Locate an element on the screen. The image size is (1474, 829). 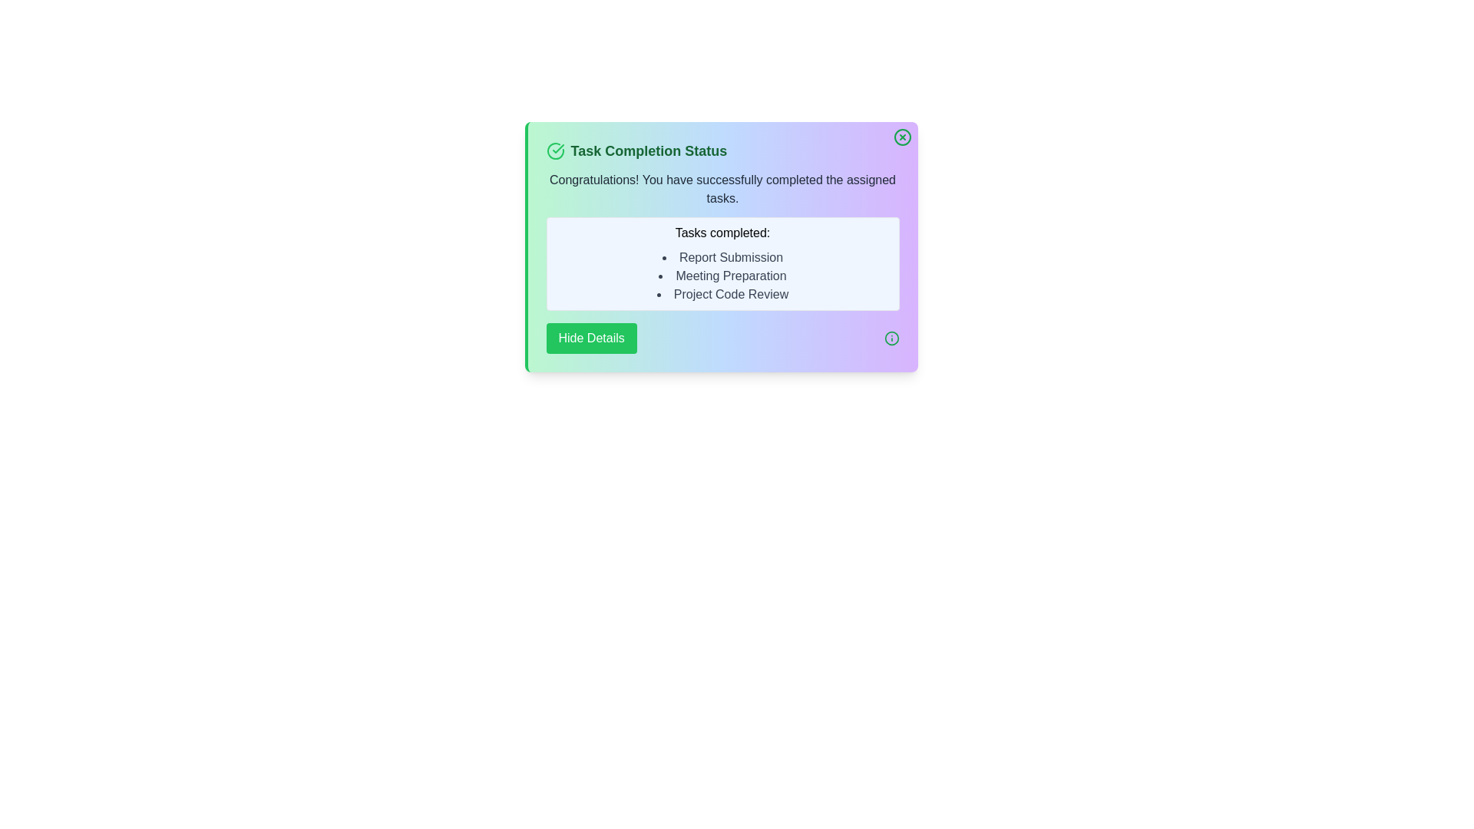
the close button to hide the alert is located at coordinates (902, 136).